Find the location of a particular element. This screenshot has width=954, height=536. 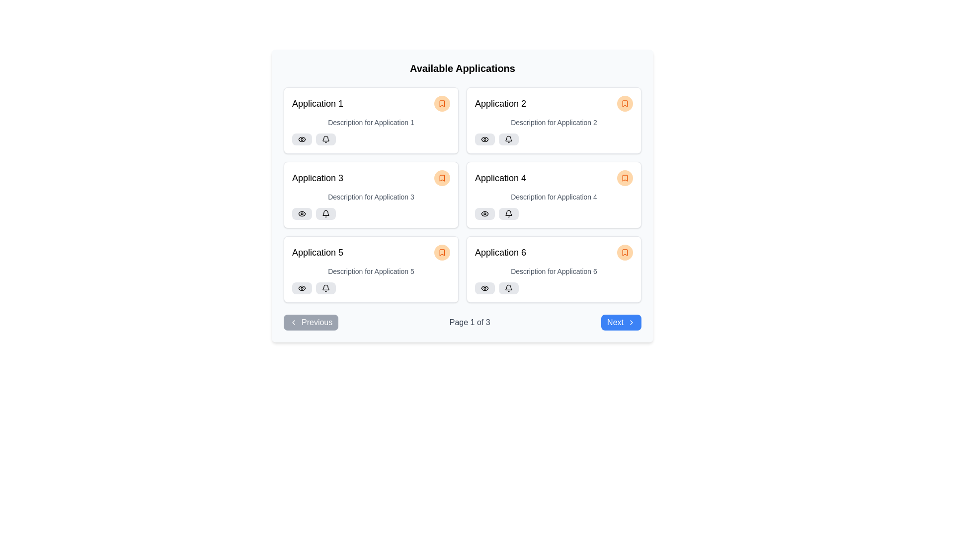

the visibility toggle button located in the bottom-right corner of the 'Application 6' card is located at coordinates (484, 288).